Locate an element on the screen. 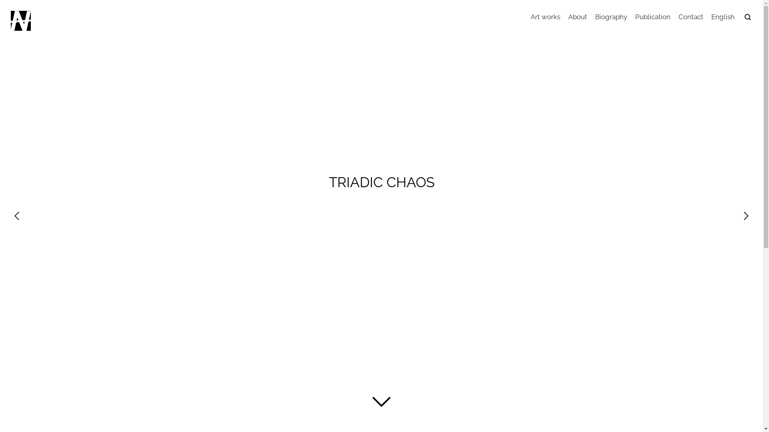 Image resolution: width=769 pixels, height=432 pixels. 'Publication' is located at coordinates (653, 17).